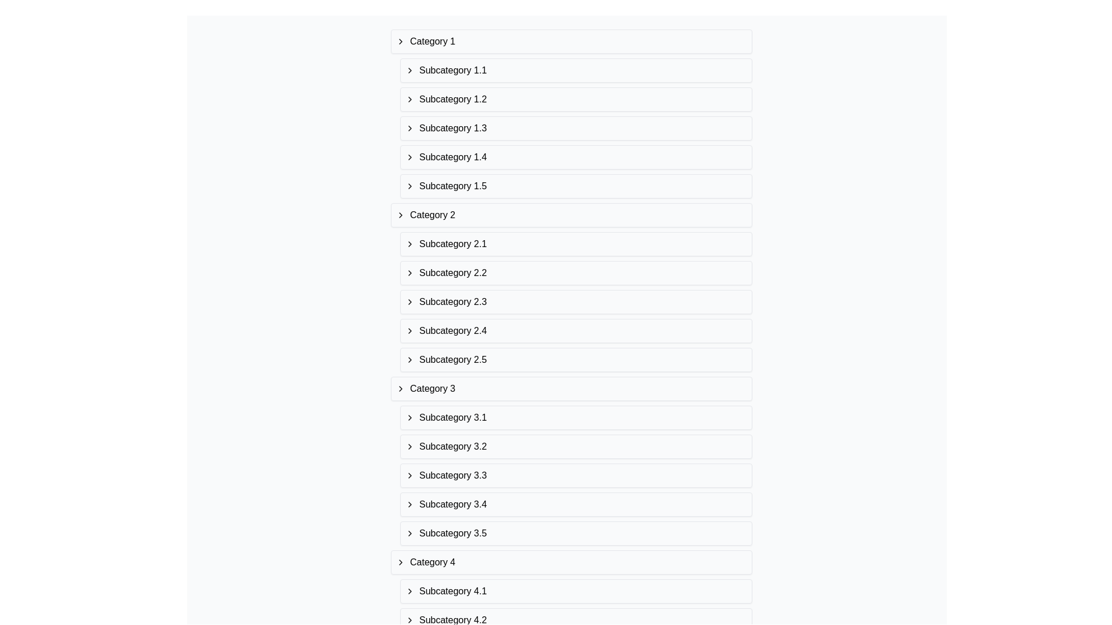 Image resolution: width=1112 pixels, height=625 pixels. Describe the element at coordinates (410, 157) in the screenshot. I see `the Chevron icon/button located to the immediate left of the text 'Subcategory 1.4'` at that location.